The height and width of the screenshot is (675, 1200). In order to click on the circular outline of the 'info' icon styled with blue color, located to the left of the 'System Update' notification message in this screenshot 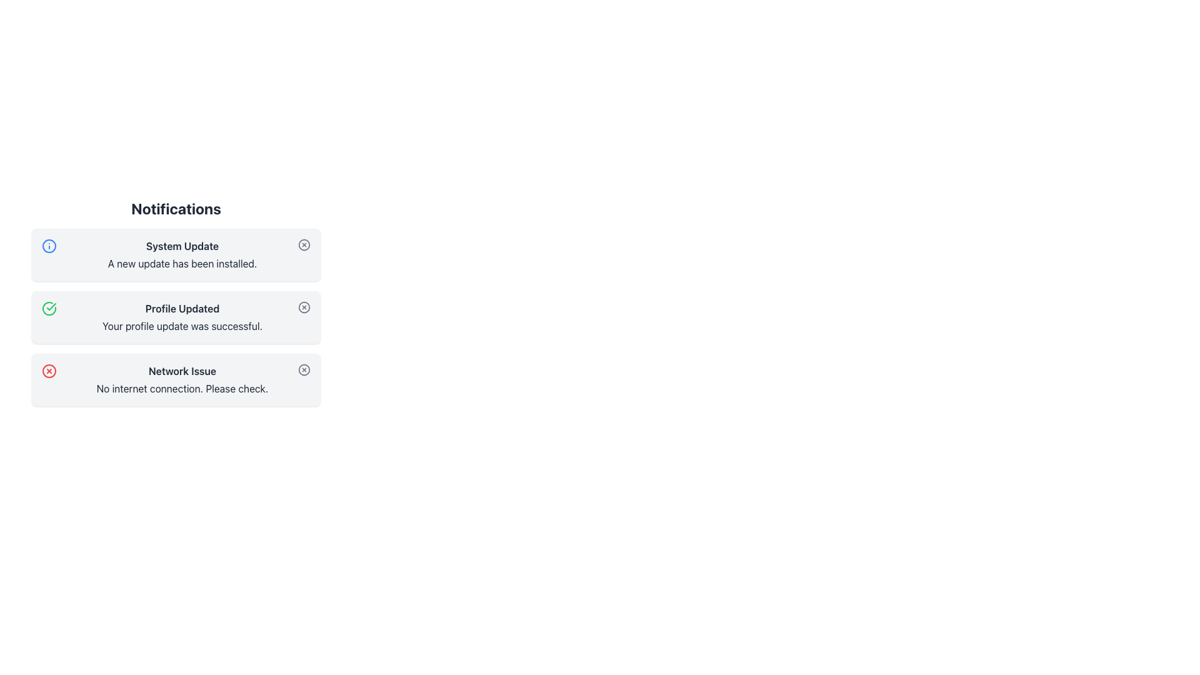, I will do `click(49, 246)`.